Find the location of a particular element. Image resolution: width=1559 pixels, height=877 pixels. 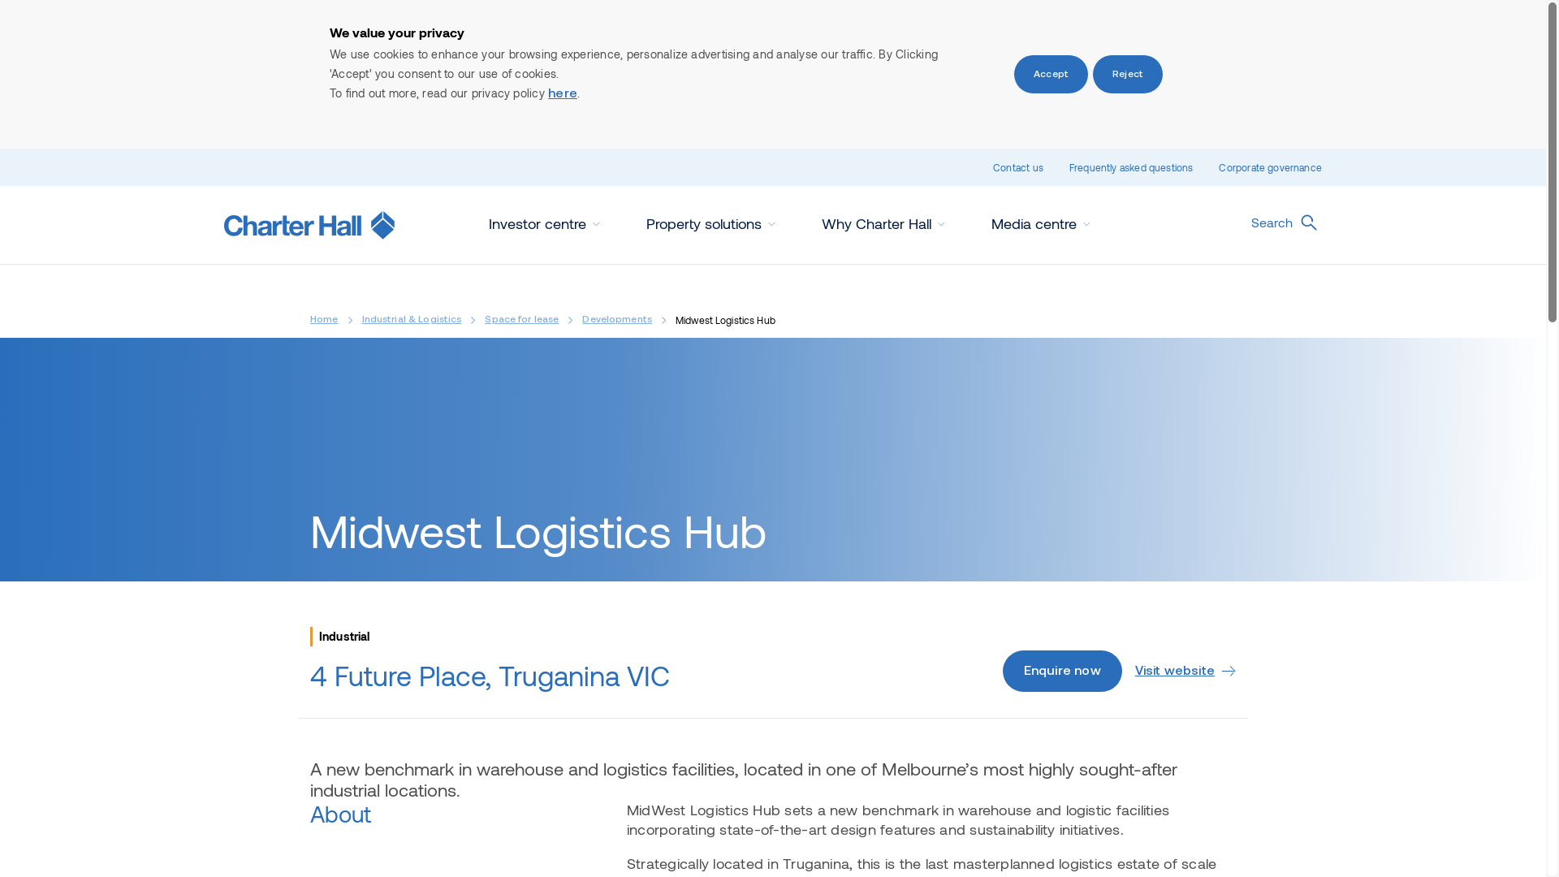

'Accept' is located at coordinates (1051, 74).